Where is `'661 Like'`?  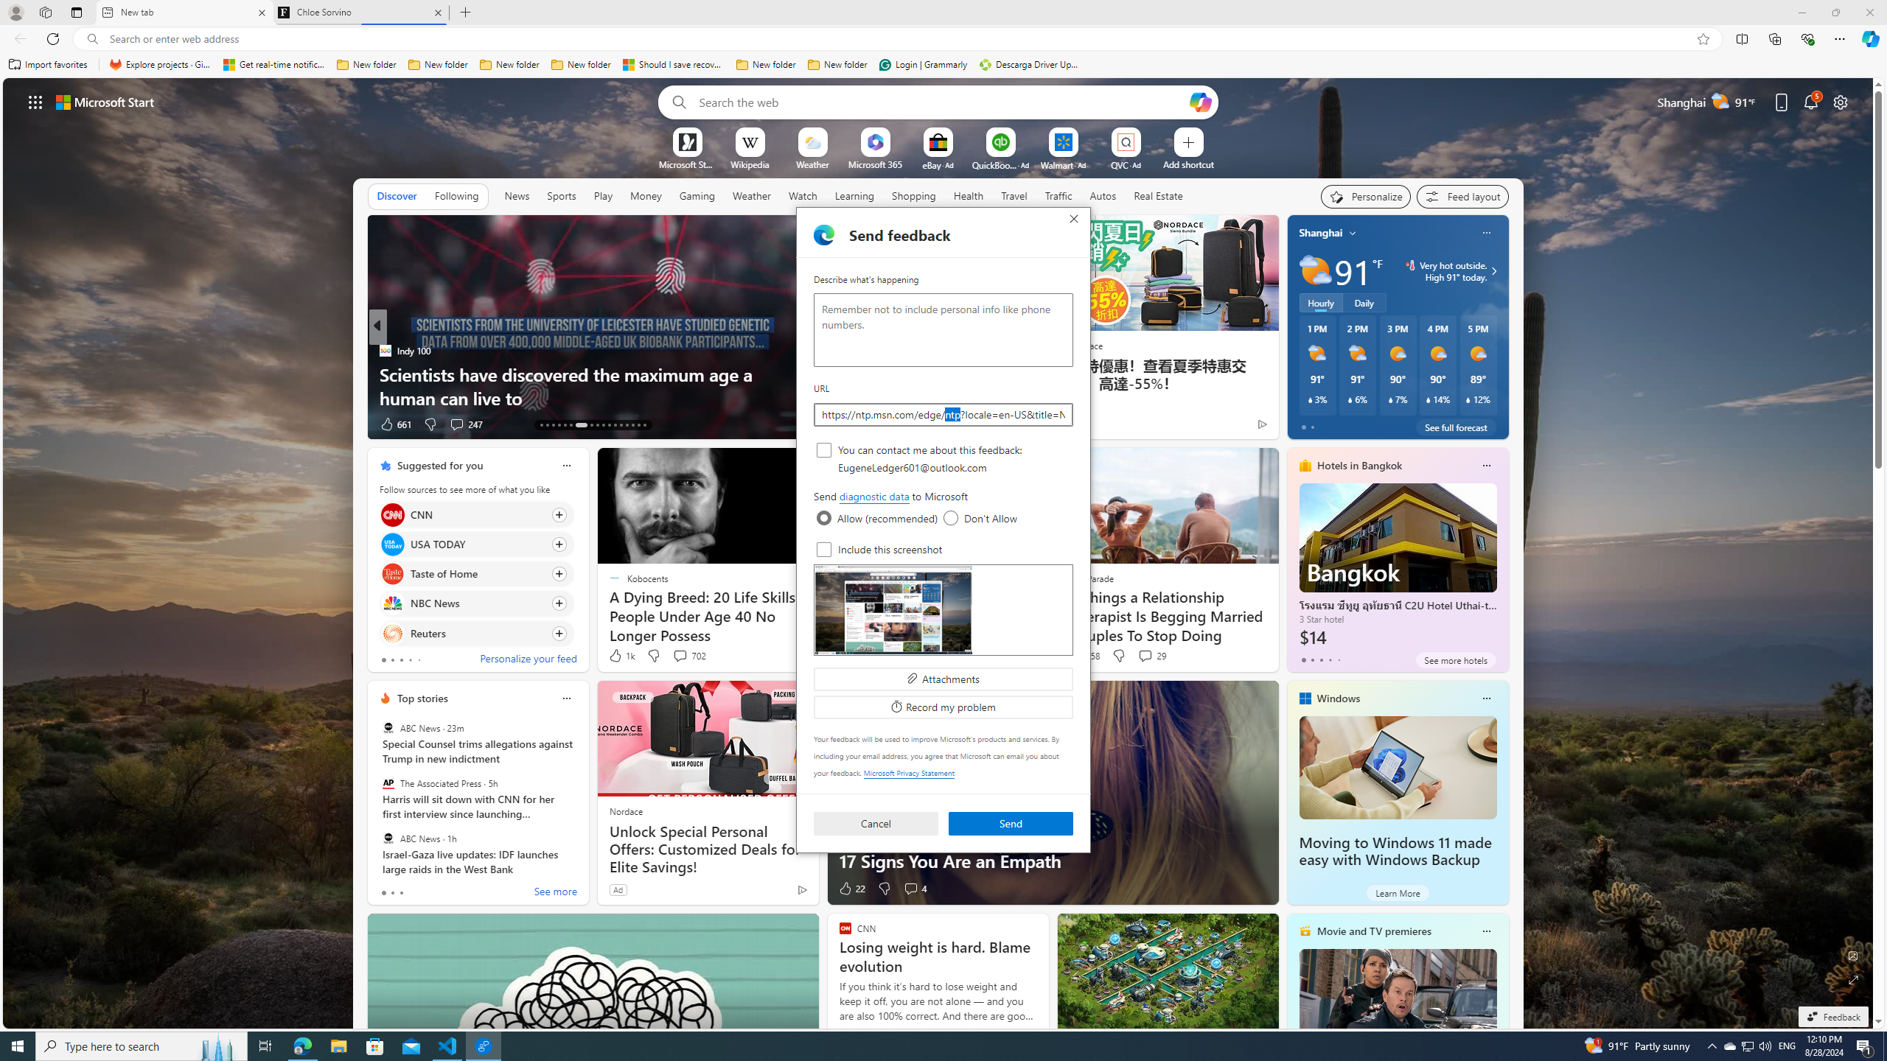 '661 Like' is located at coordinates (394, 424).